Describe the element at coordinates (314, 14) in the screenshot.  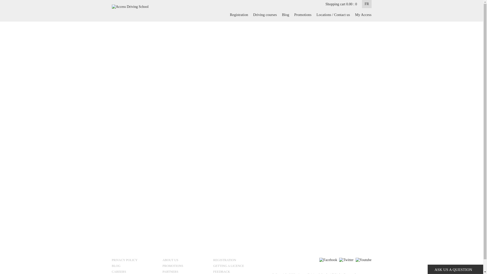
I see `'Locations / Contact us'` at that location.